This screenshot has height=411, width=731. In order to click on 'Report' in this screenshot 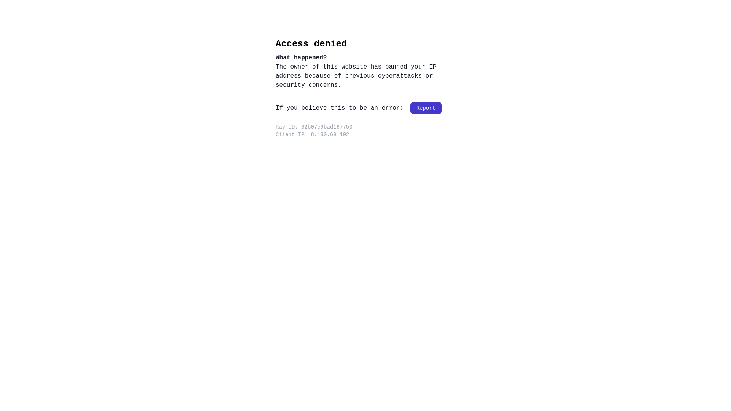, I will do `click(425, 108)`.